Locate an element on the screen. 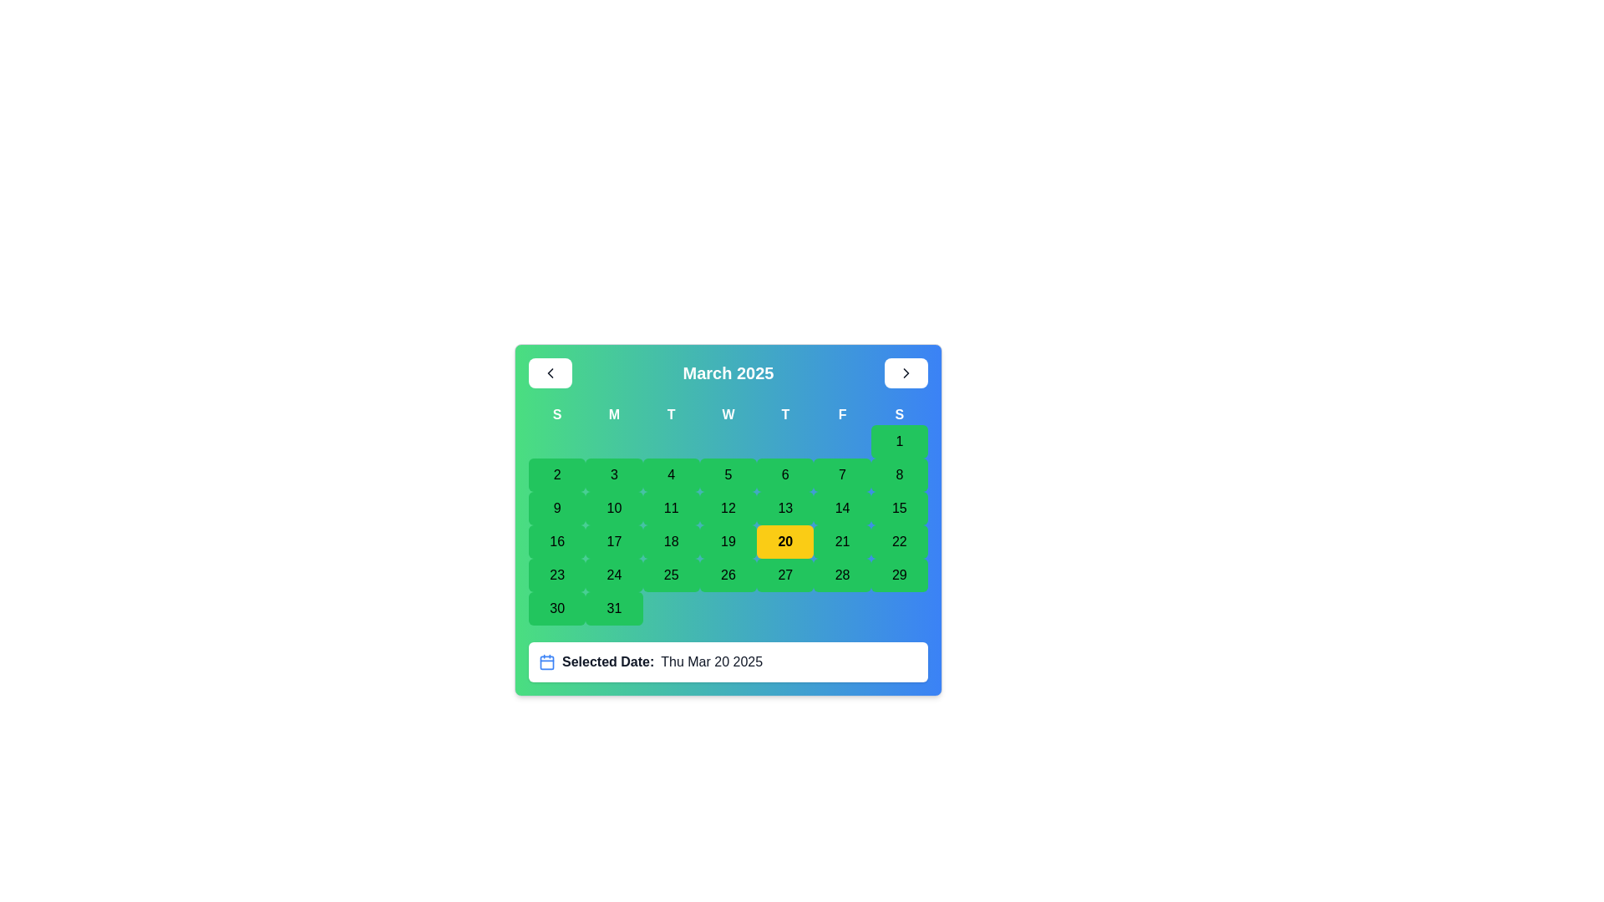 This screenshot has width=1604, height=902. the button representing the date '25' in the calendar interface is located at coordinates (671, 575).